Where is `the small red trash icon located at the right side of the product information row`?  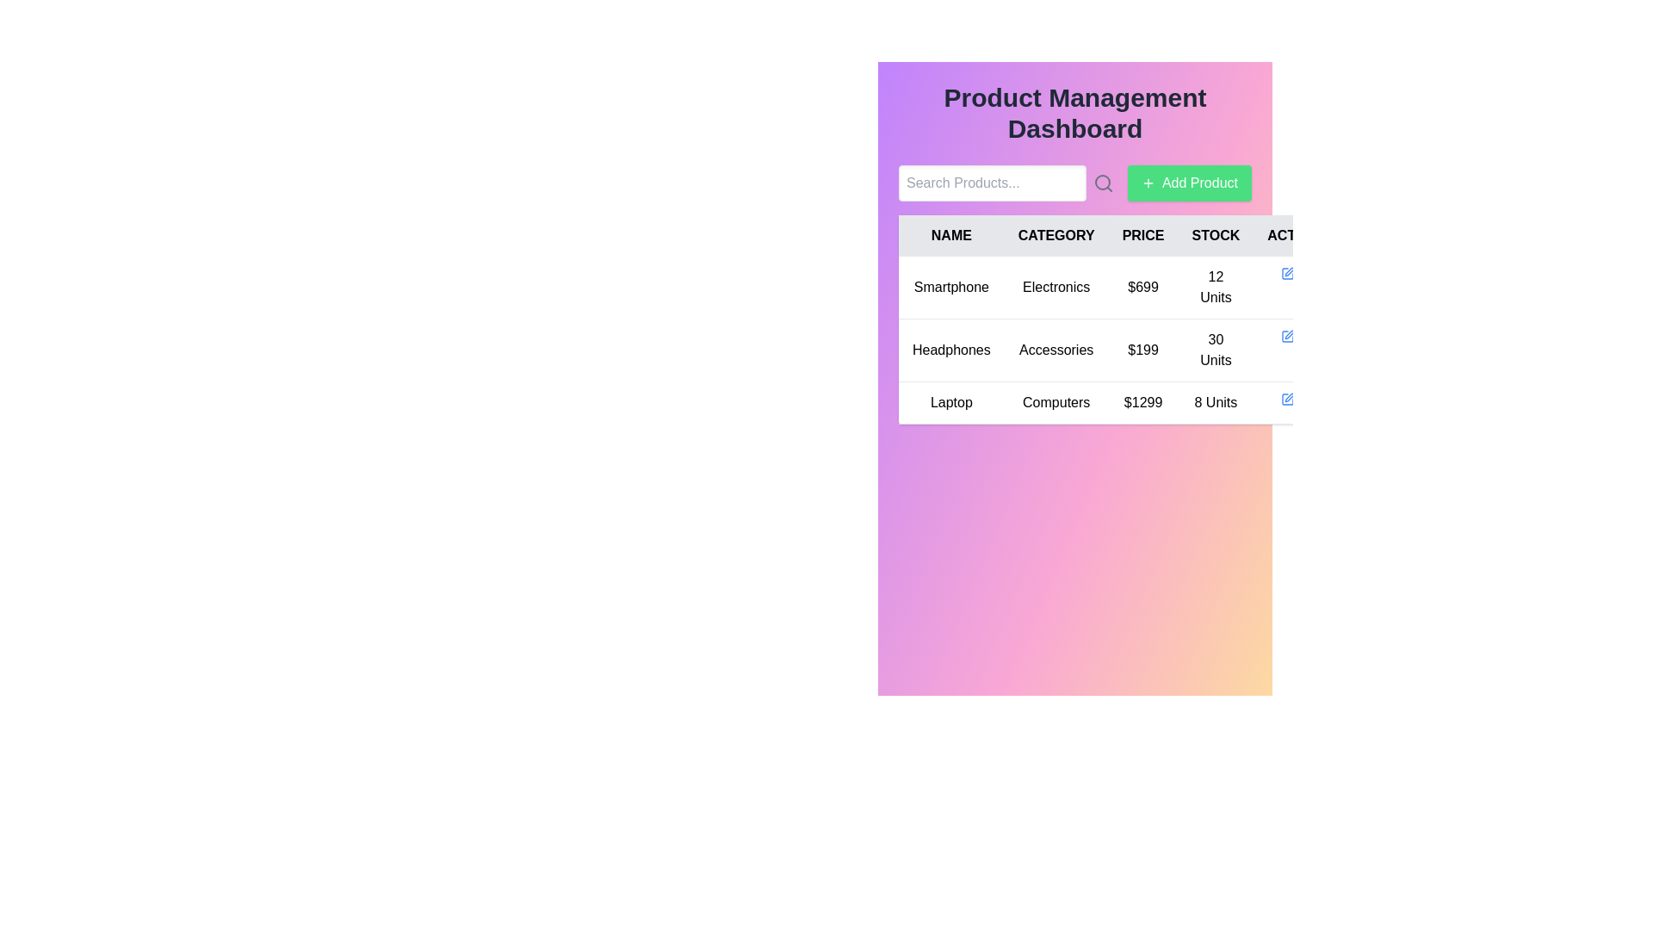
the small red trash icon located at the right side of the product information row is located at coordinates (1309, 336).